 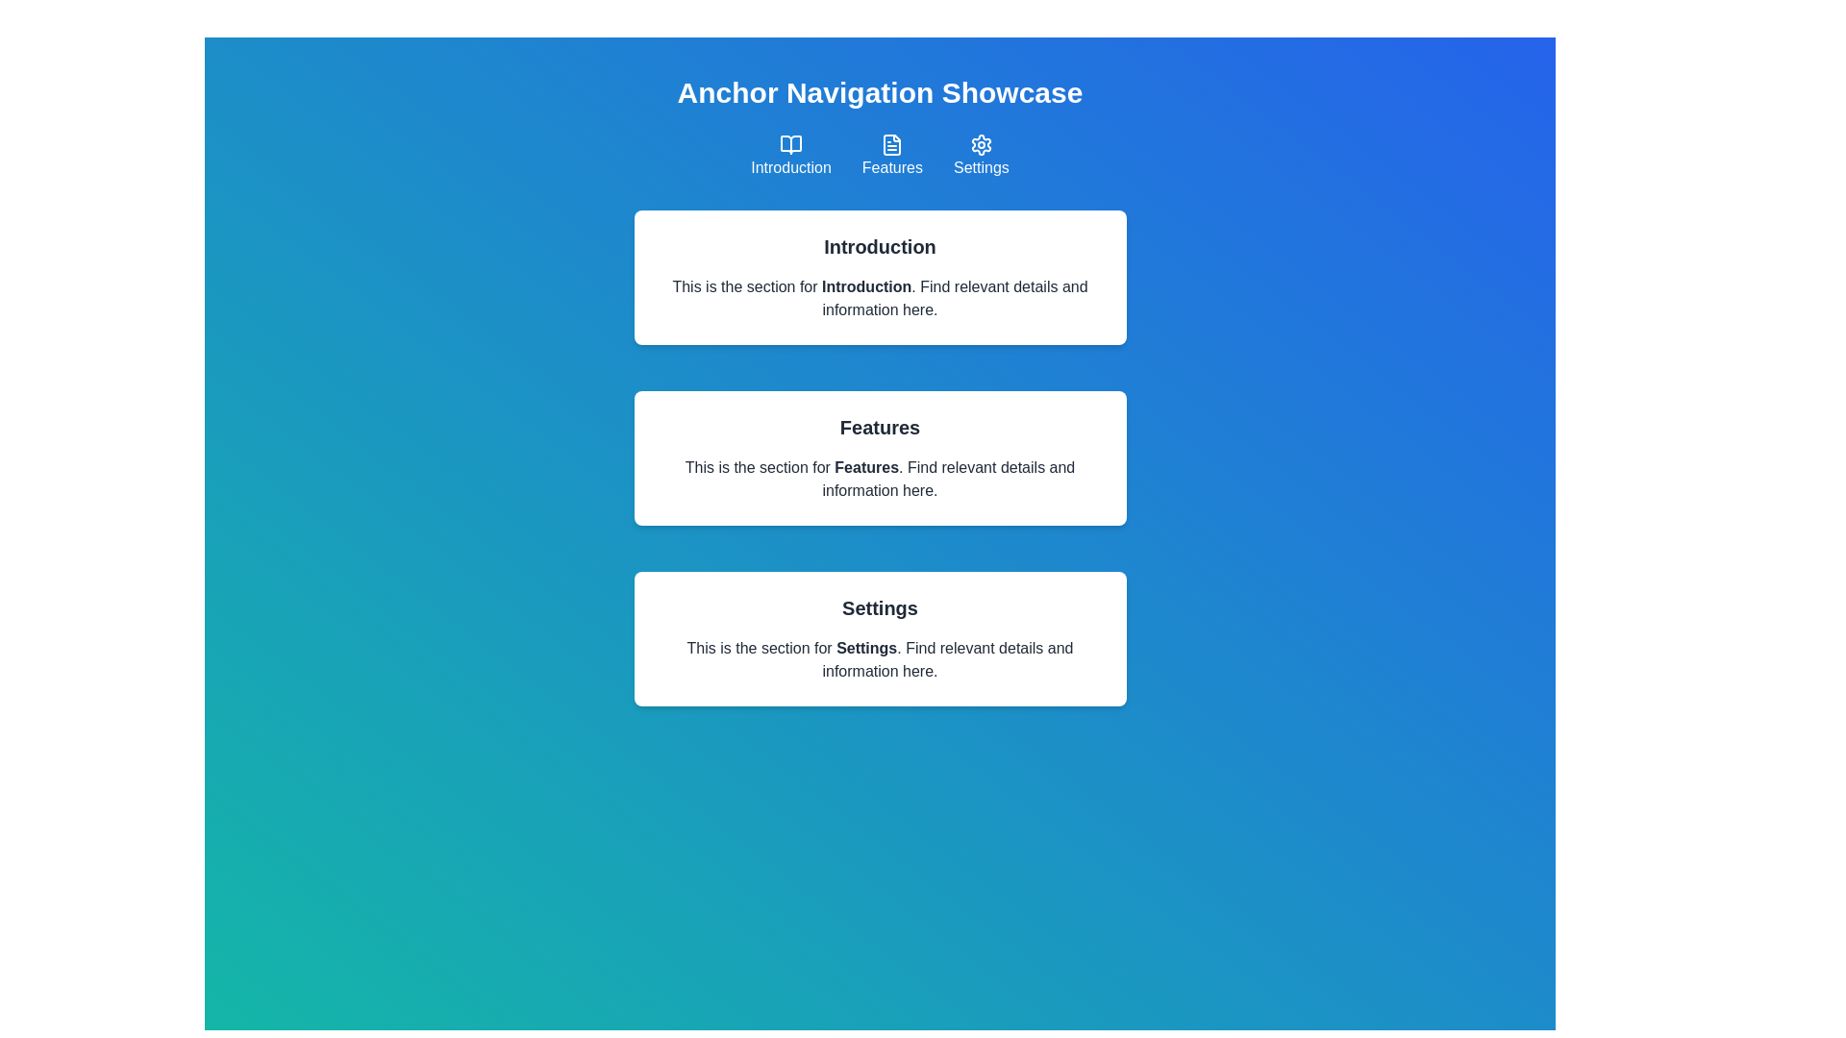 I want to click on the static text element that reads 'This is the section for Settings. Find relevant details and information here.' located within the third card section titled 'Settings', so click(x=879, y=658).